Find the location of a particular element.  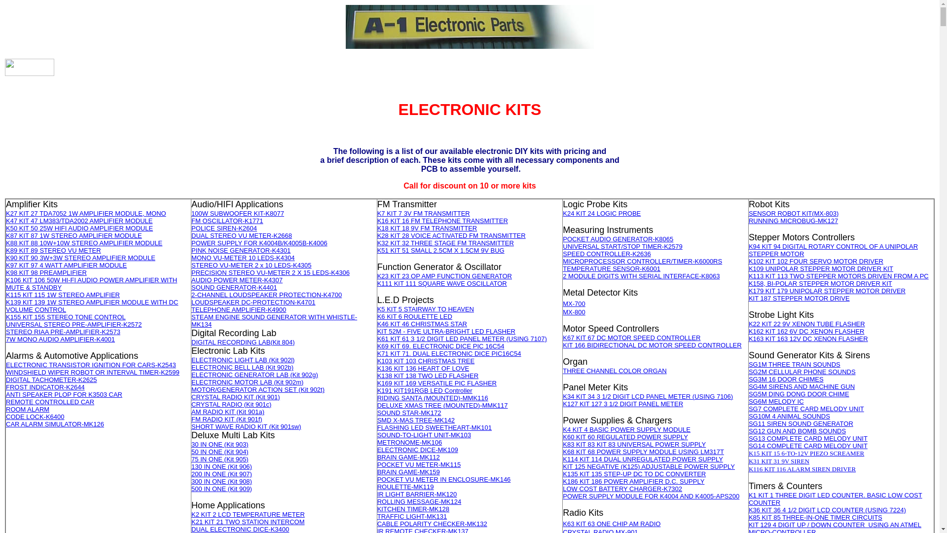

'METRONOME-MK106' is located at coordinates (409, 442).